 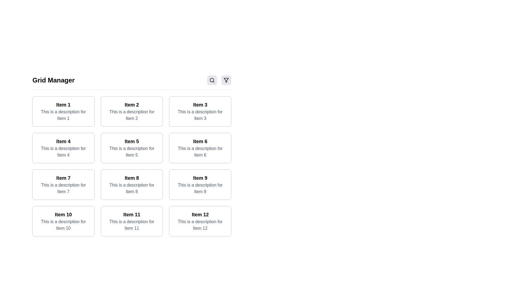 What do you see at coordinates (132, 221) in the screenshot?
I see `the grid item representing 'Item 11', located in the last row, second column from the left` at bounding box center [132, 221].